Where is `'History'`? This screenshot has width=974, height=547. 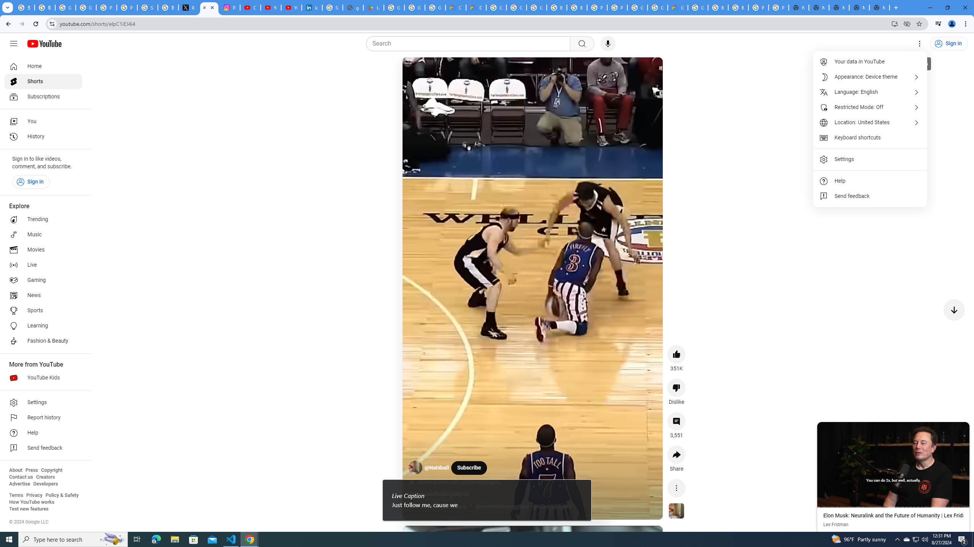
'History' is located at coordinates (43, 137).